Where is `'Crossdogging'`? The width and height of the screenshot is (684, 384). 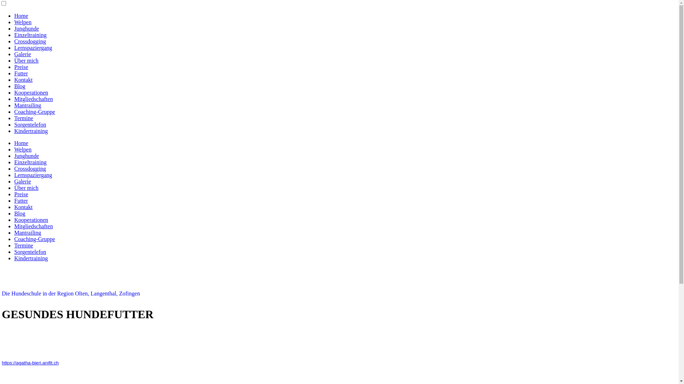 'Crossdogging' is located at coordinates (30, 41).